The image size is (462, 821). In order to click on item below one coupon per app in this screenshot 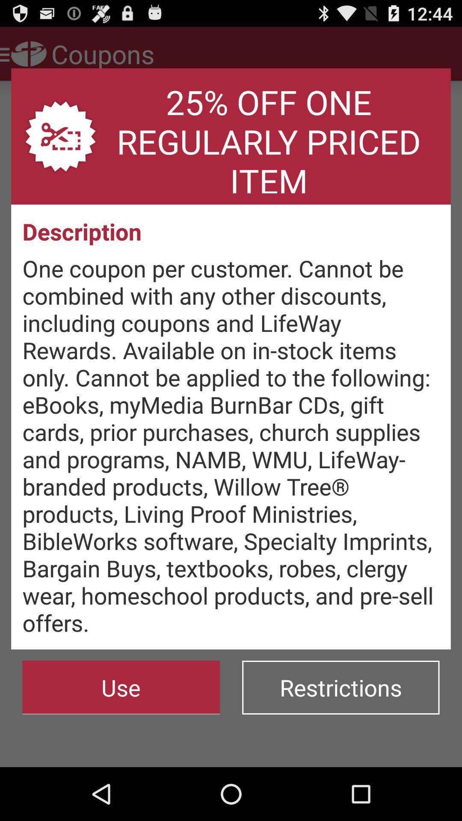, I will do `click(121, 688)`.